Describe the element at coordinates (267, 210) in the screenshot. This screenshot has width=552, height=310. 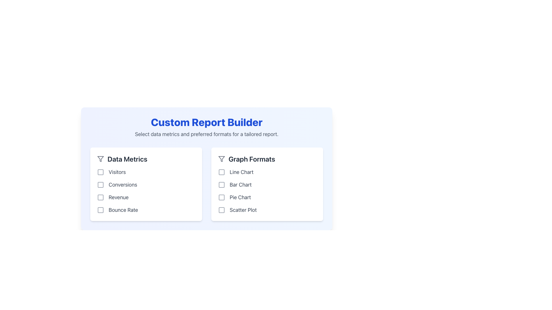
I see `the unselected checkbox labeled 'Scatter Plot' located at the bottom of the 'Graph Formats' section` at that location.